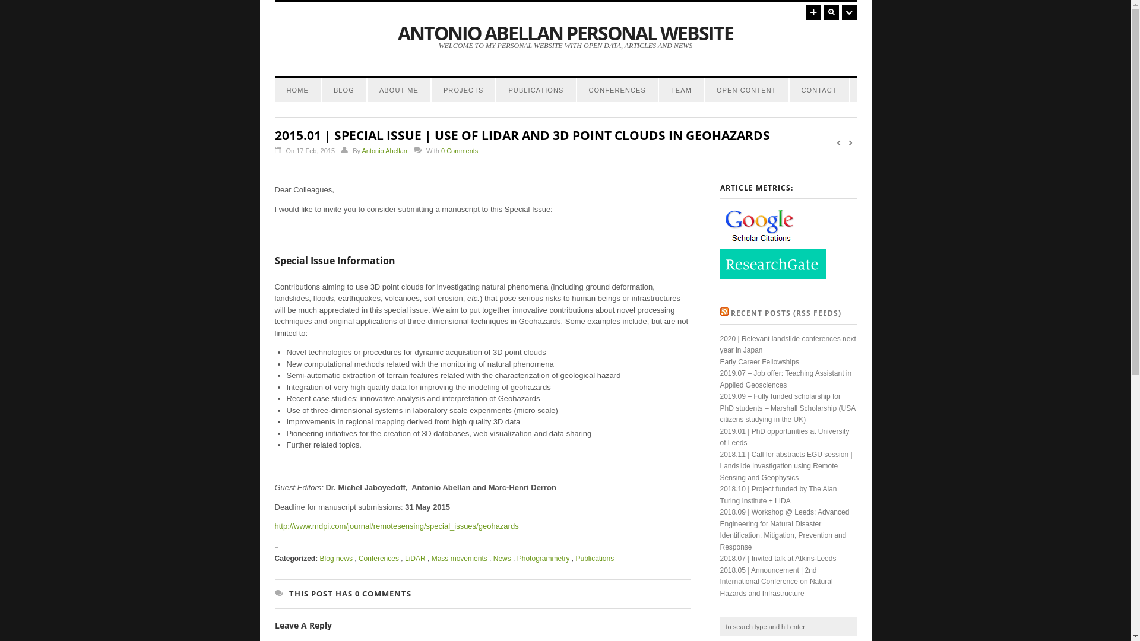  Describe the element at coordinates (535, 89) in the screenshot. I see `'PUBLICATIONS'` at that location.